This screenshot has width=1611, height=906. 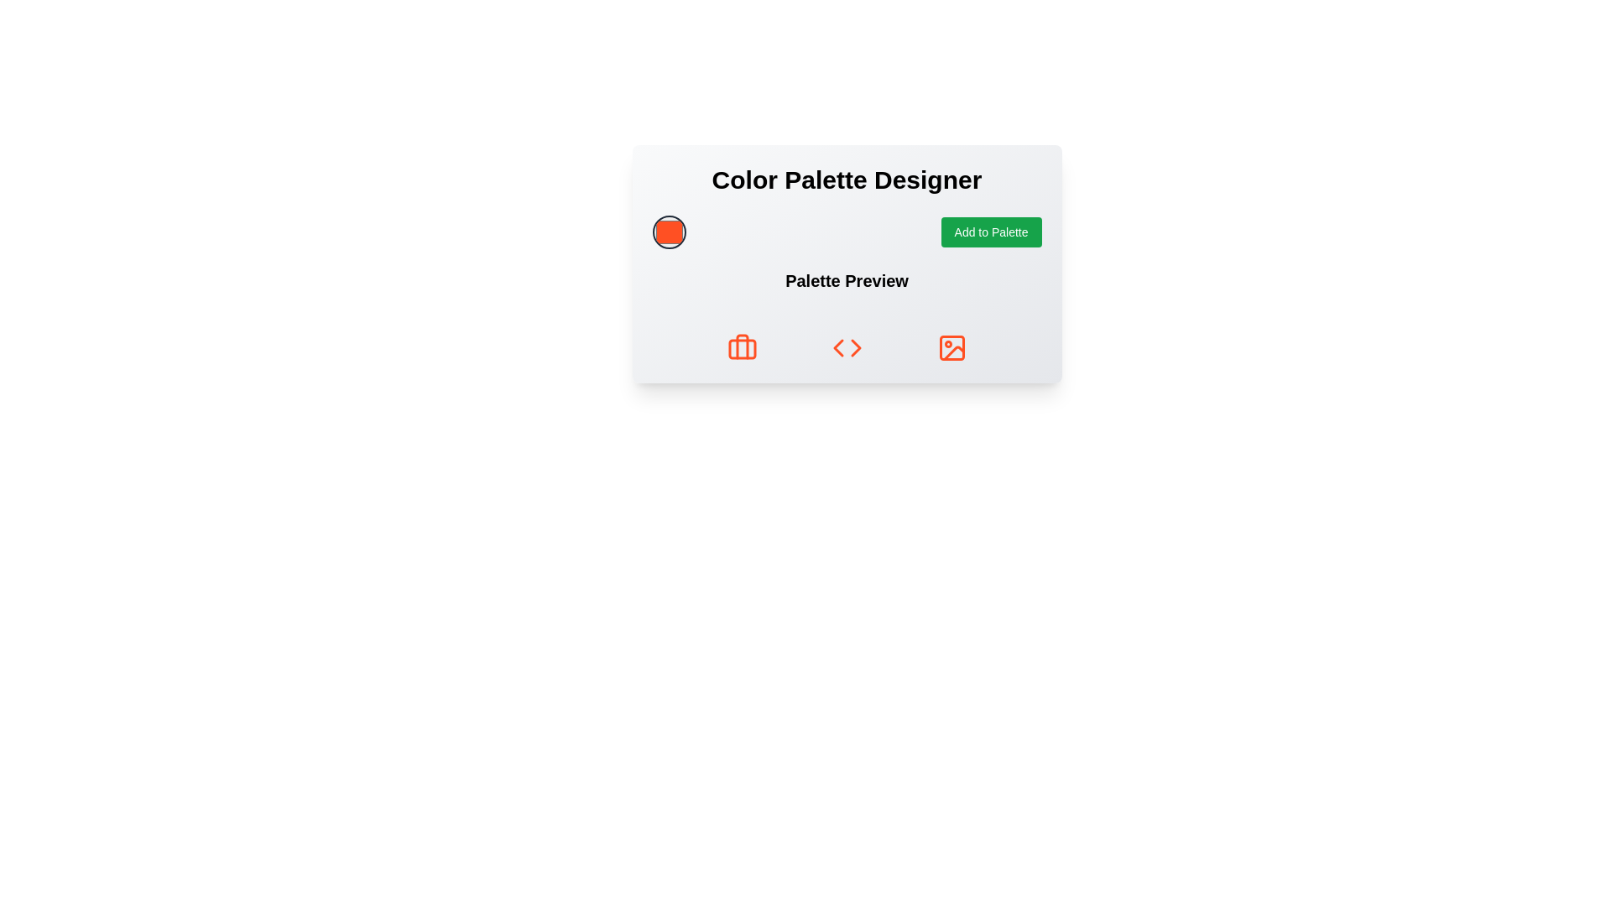 I want to click on the circular red button with a black border, so click(x=668, y=232).